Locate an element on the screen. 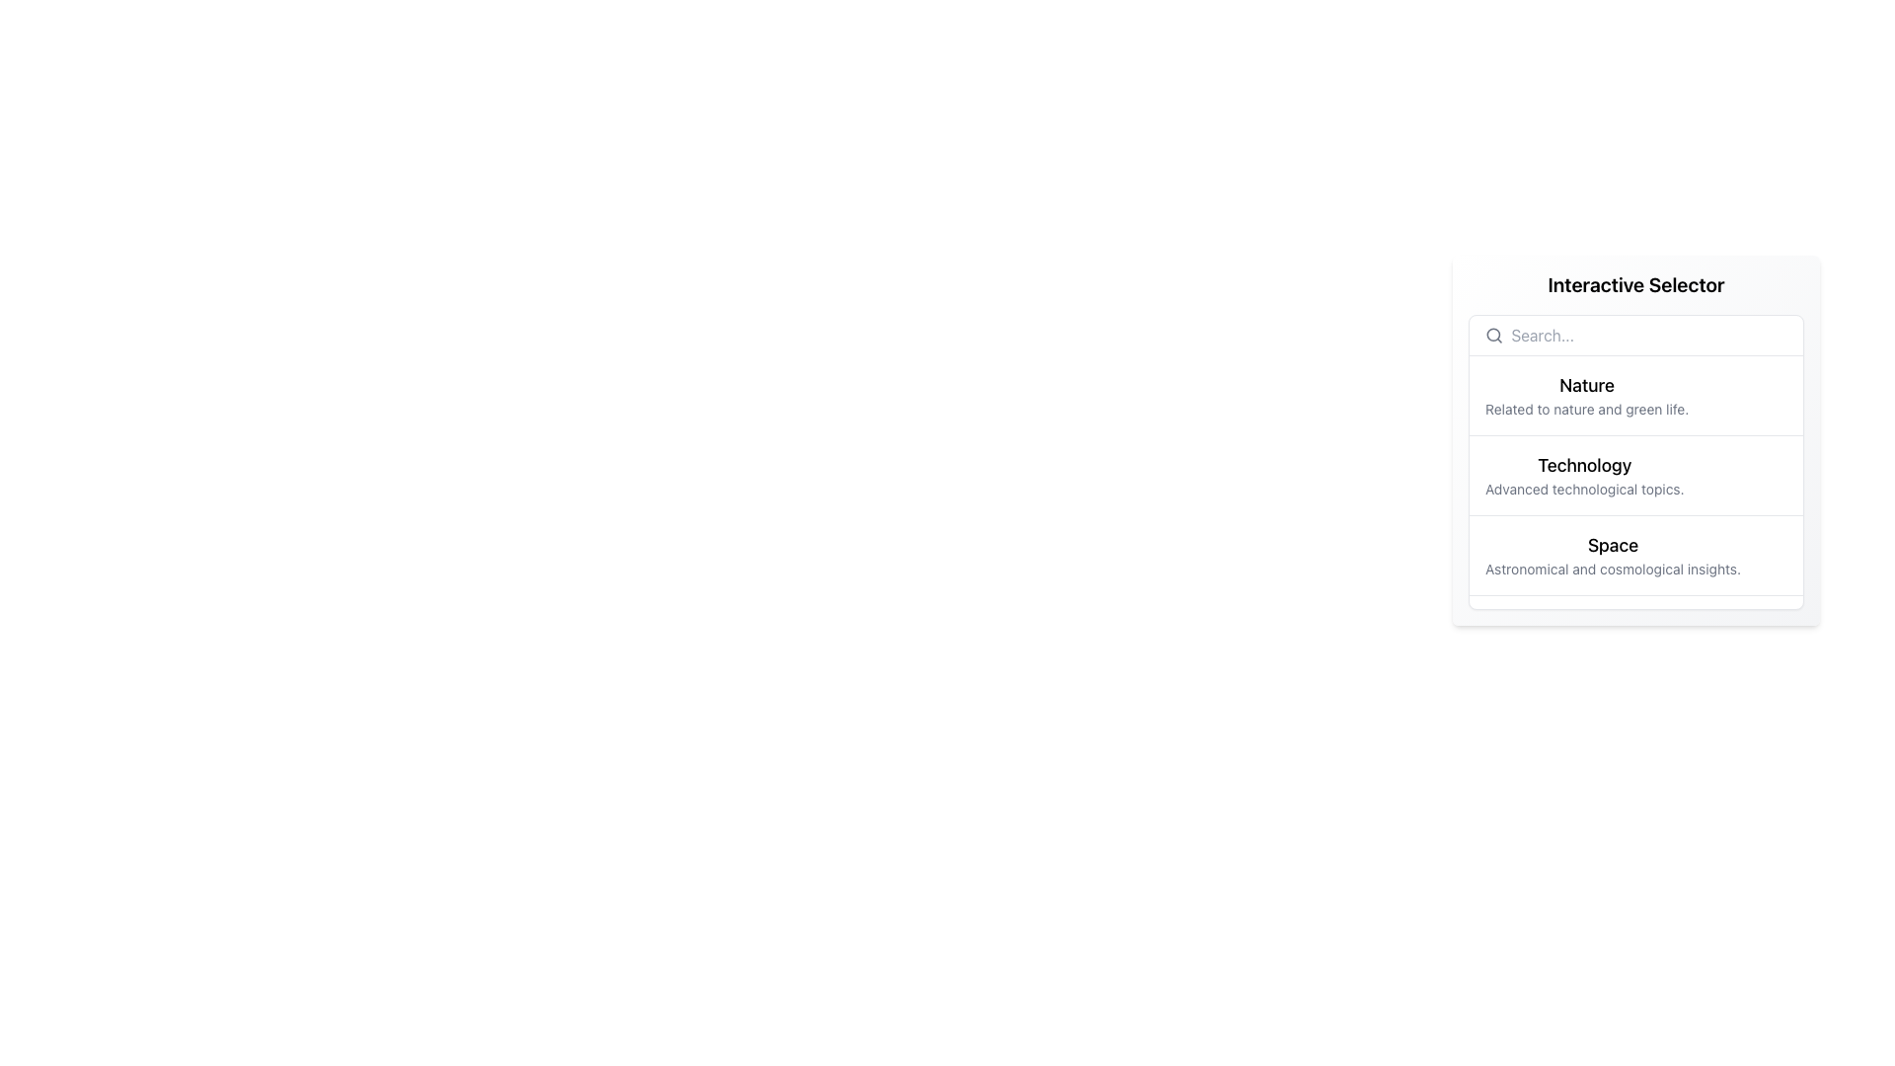  the text element displaying the word 'Technology' which is styled with a bold and larger font is located at coordinates (1584, 465).